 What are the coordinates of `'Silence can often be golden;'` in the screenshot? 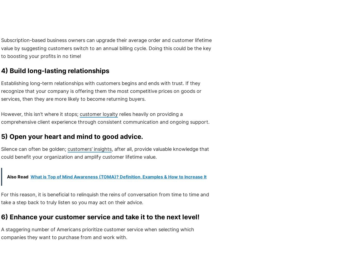 It's located at (34, 148).